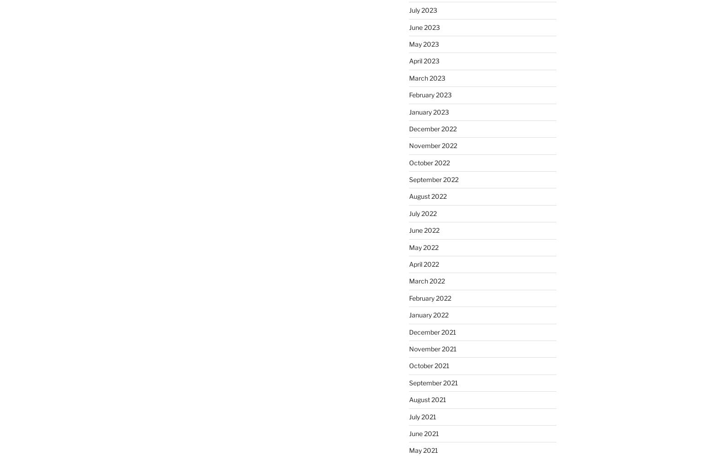 Image resolution: width=703 pixels, height=456 pixels. I want to click on 'October 2021', so click(428, 365).